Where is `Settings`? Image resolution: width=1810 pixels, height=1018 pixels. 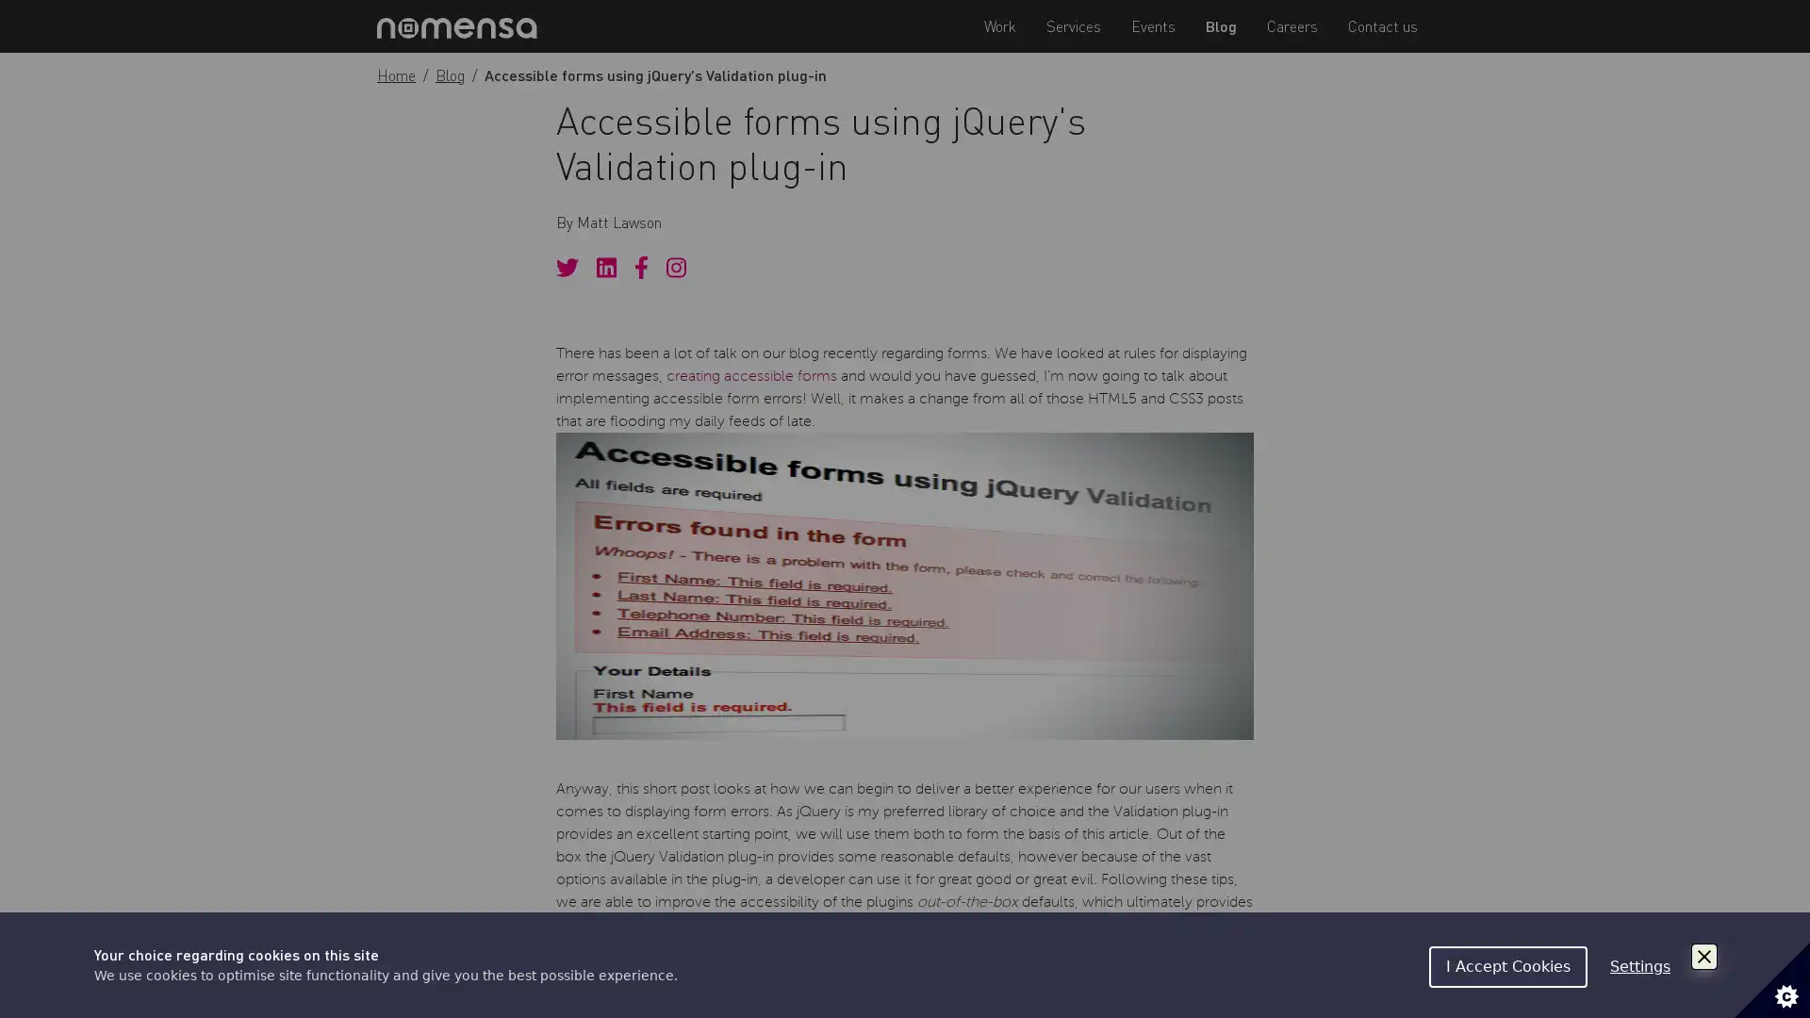
Settings is located at coordinates (1638, 967).